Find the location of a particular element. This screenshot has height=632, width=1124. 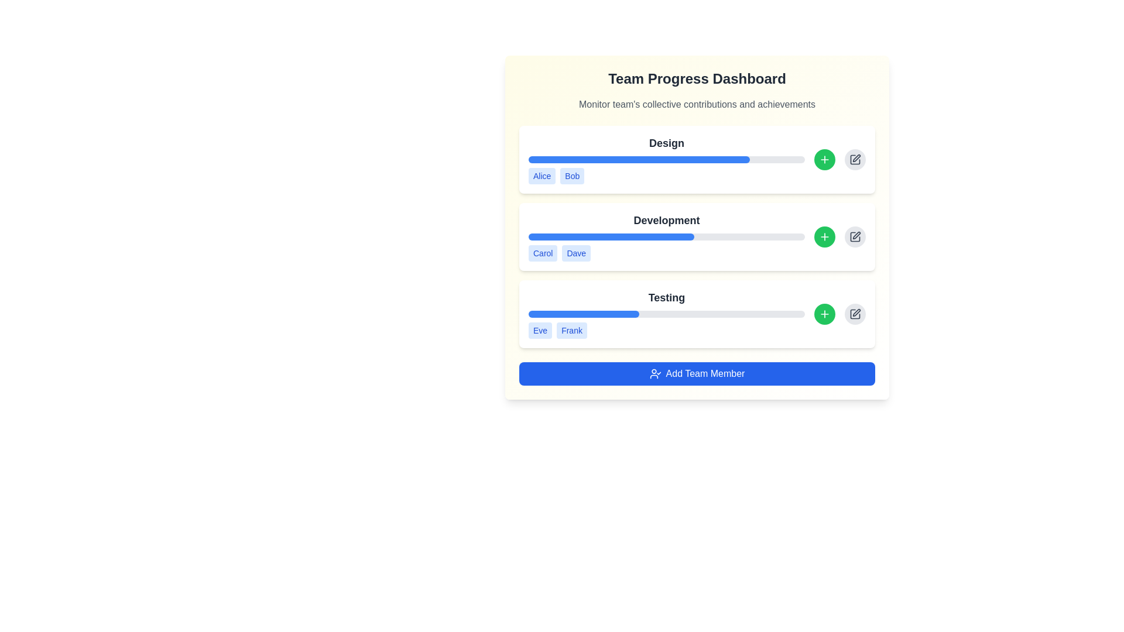

the progress bar of the 'Design' task in the 'Team Progress Dashboard' is located at coordinates (697, 160).